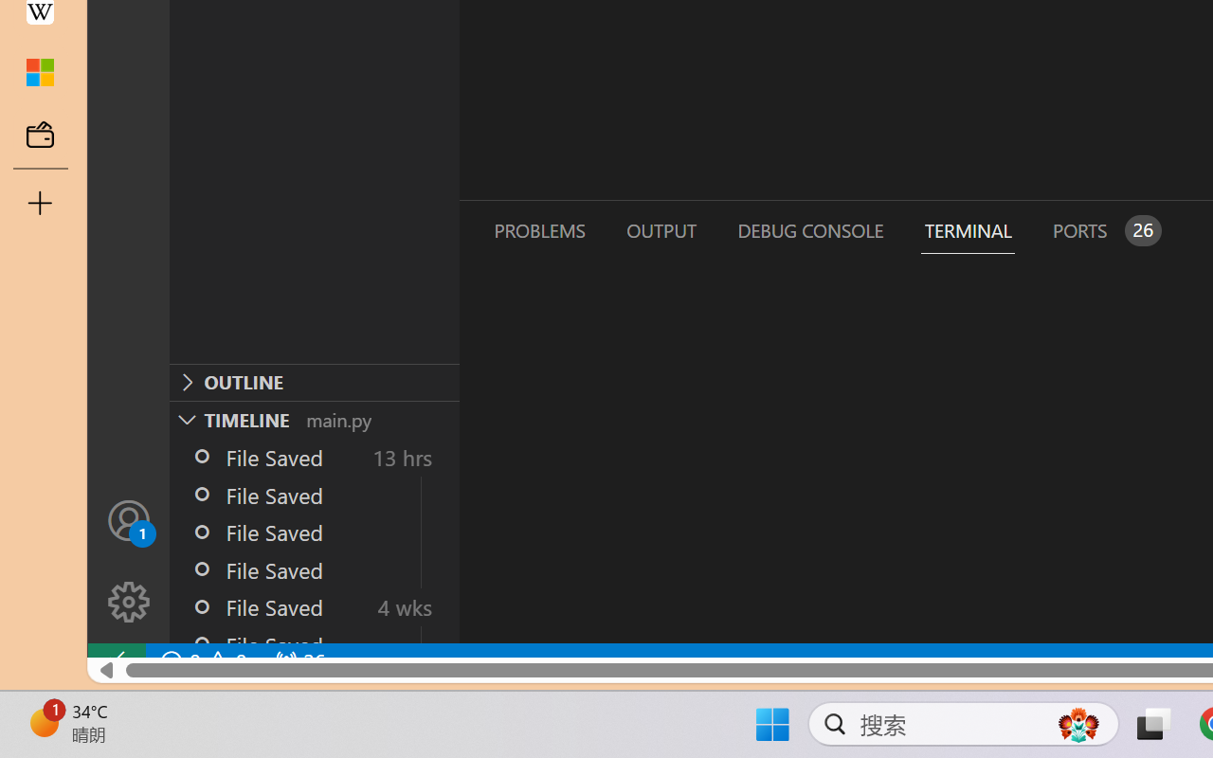  I want to click on 'Terminal (Ctrl+`)', so click(968, 229).